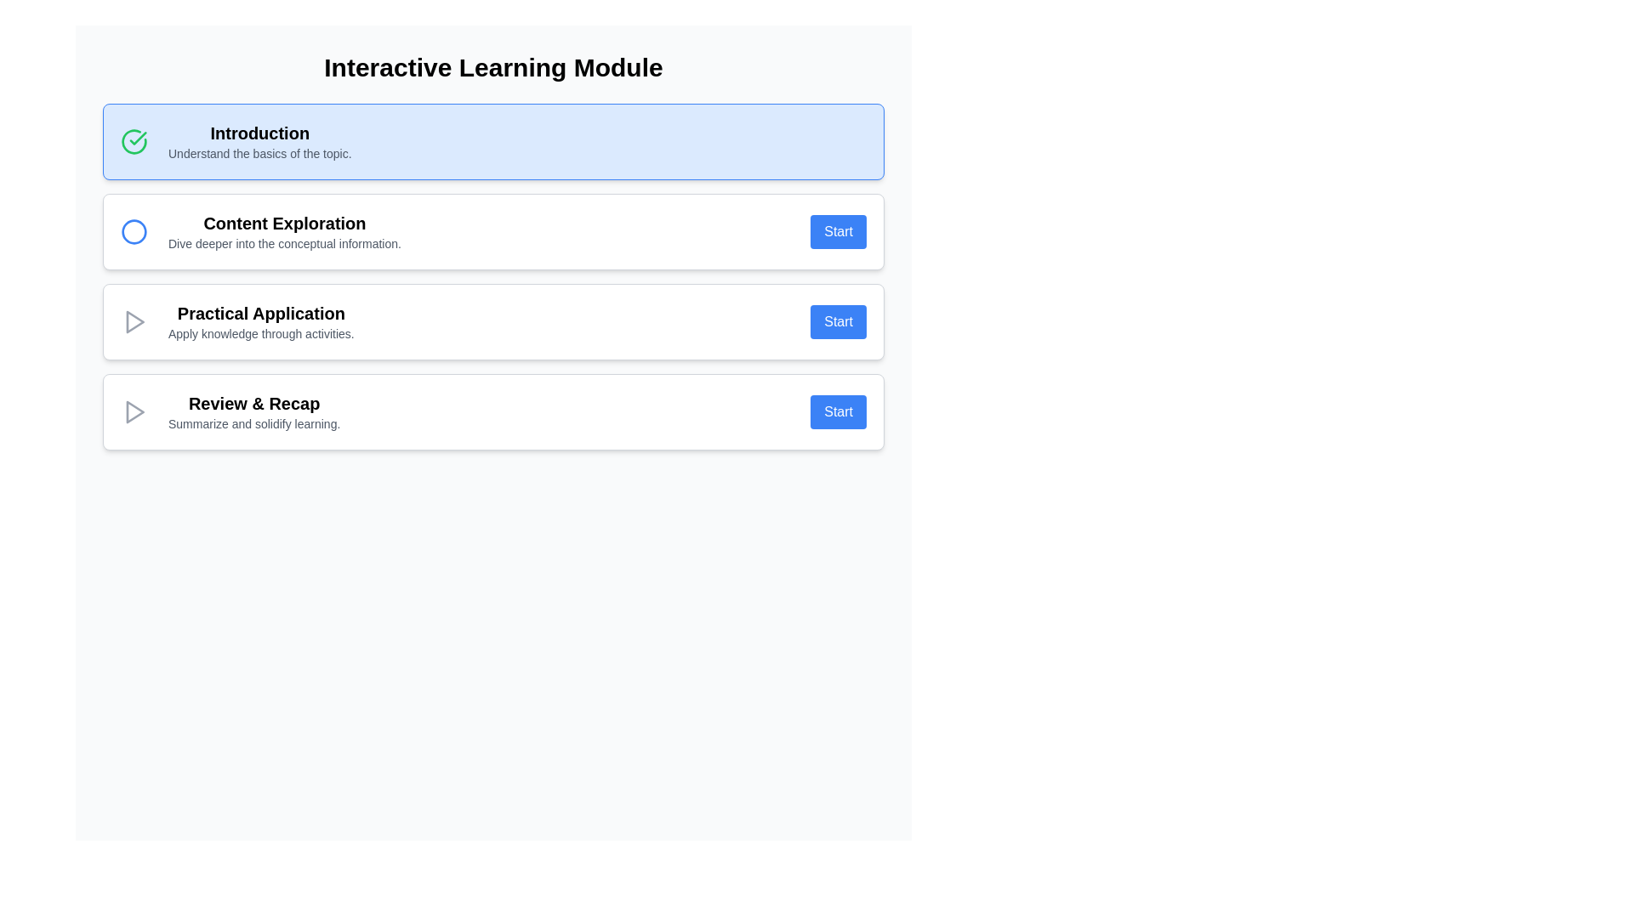 Image resolution: width=1633 pixels, height=918 pixels. Describe the element at coordinates (285, 232) in the screenshot. I see `the Text Display element titled 'Content Exploration' which includes the description 'Dive deeper into the conceptual information.'` at that location.